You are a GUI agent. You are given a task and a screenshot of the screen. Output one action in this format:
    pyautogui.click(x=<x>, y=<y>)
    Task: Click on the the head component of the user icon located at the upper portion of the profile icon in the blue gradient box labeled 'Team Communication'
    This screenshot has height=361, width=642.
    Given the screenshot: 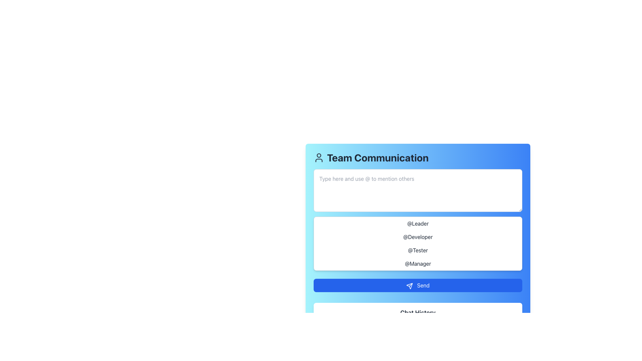 What is the action you would take?
    pyautogui.click(x=319, y=155)
    